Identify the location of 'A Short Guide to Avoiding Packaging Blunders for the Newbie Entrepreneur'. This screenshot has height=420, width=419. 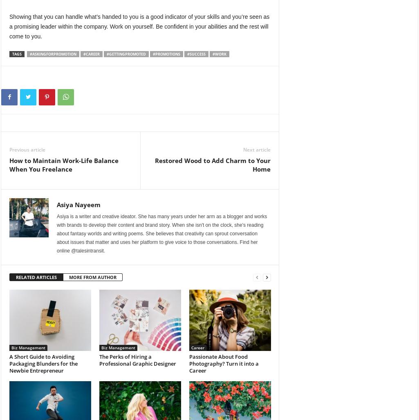
(43, 363).